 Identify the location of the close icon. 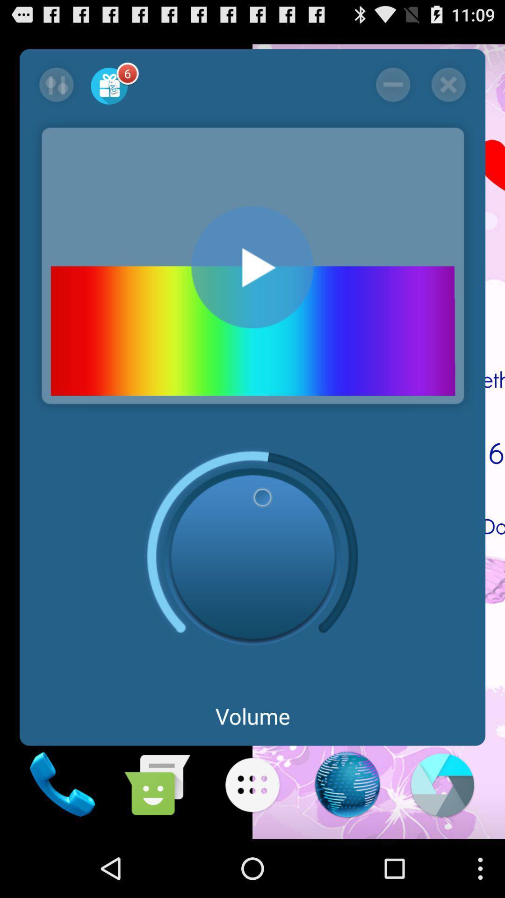
(448, 90).